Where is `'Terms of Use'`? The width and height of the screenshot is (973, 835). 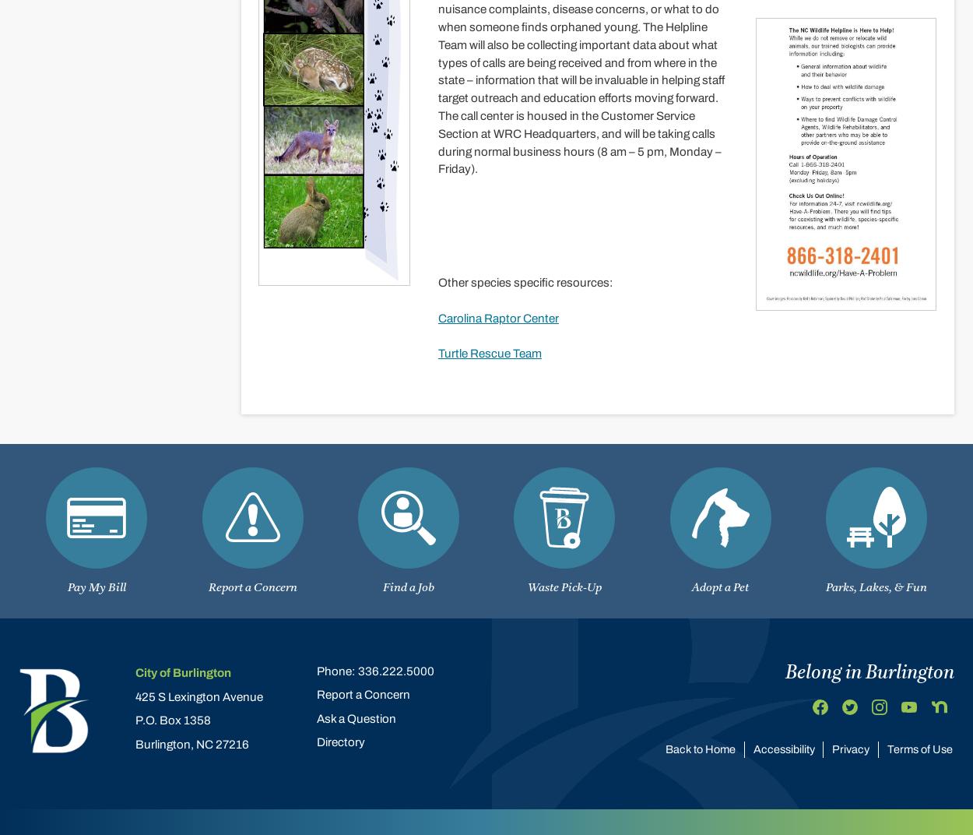 'Terms of Use' is located at coordinates (919, 748).